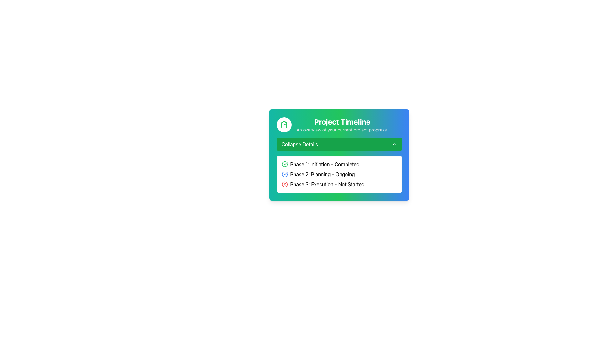 The height and width of the screenshot is (338, 601). What do you see at coordinates (342, 125) in the screenshot?
I see `text from the title and subtitle Text Block located at the top of the main panel, positioned to the right of a circular clipboard icon` at bounding box center [342, 125].